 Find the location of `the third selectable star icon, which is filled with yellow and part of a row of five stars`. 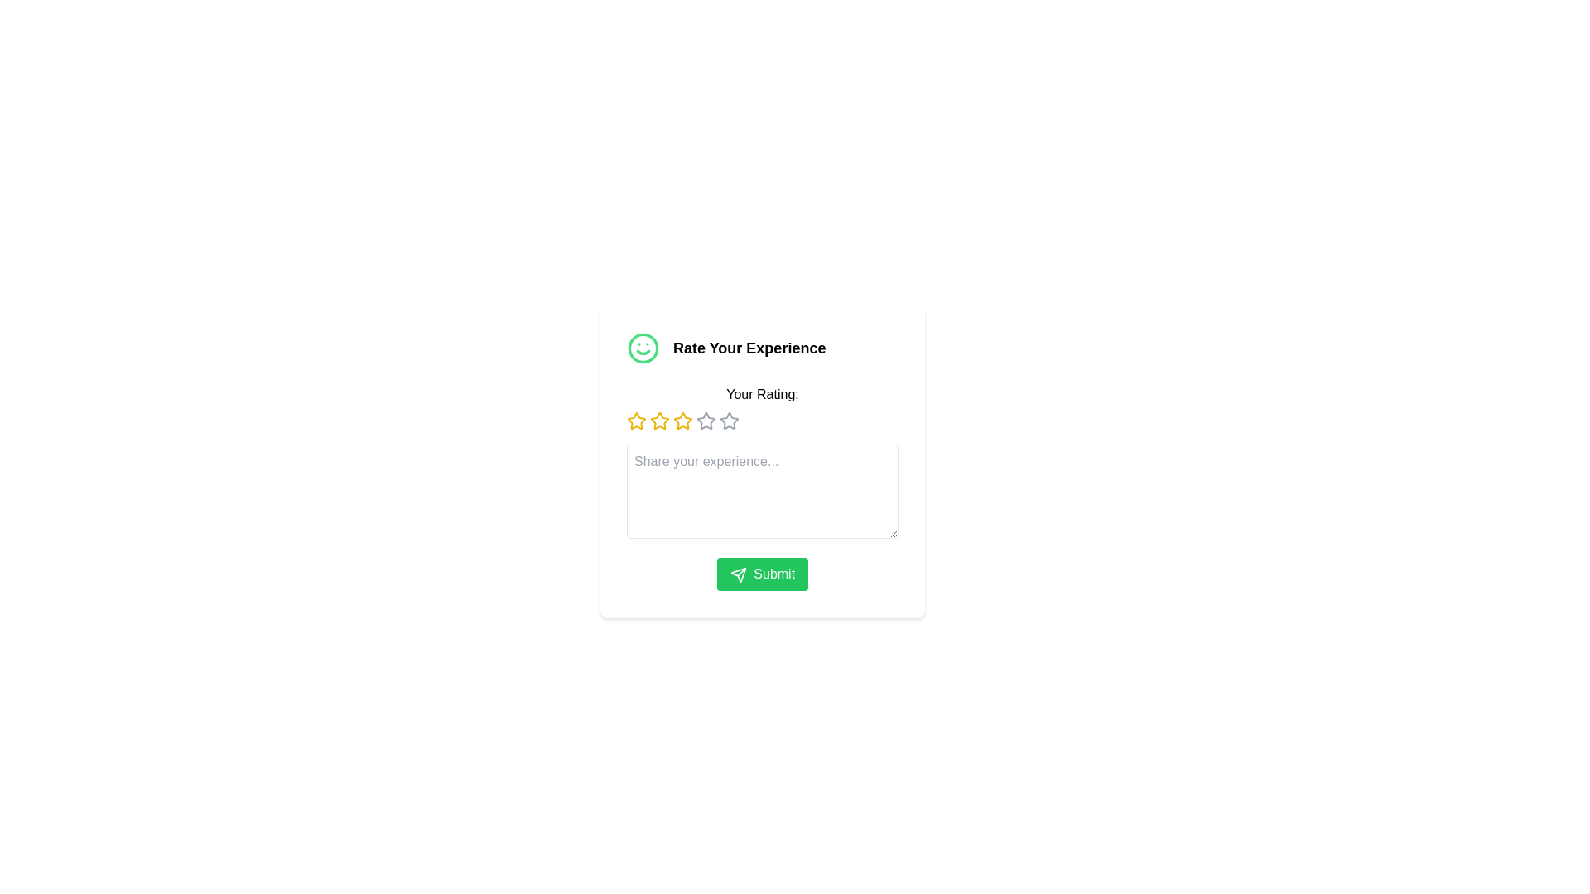

the third selectable star icon, which is filled with yellow and part of a row of five stars is located at coordinates (658, 421).